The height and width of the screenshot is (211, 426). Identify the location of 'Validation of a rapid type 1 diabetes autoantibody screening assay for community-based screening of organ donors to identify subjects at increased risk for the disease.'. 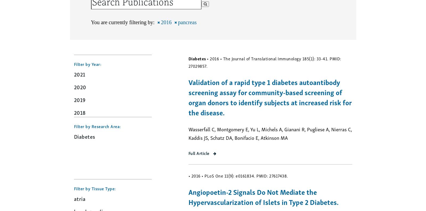
(188, 97).